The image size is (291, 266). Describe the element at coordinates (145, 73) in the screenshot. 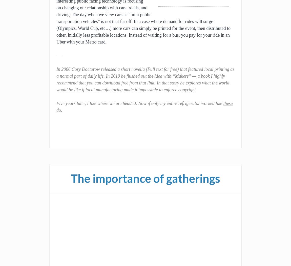

I see `'(Full text for free) that featured local printing as a normal part of daily life. In 2010 he flushed out the idea with “'` at that location.